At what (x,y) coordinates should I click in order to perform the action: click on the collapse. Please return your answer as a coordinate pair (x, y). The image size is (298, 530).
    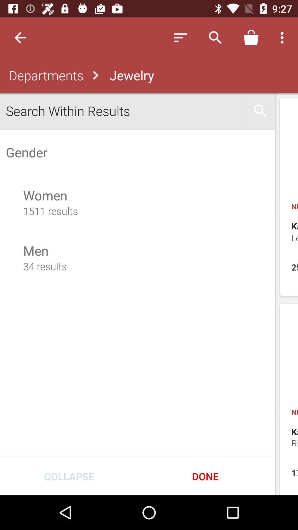
    Looking at the image, I should click on (69, 476).